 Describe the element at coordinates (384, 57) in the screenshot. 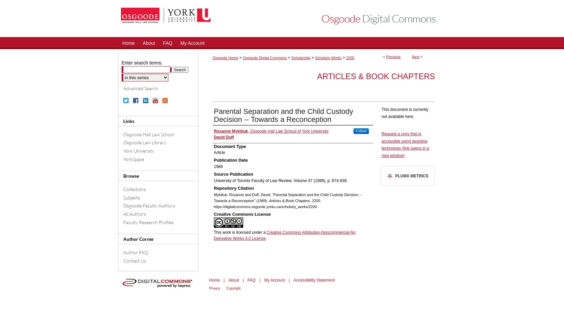

I see `'<'` at that location.